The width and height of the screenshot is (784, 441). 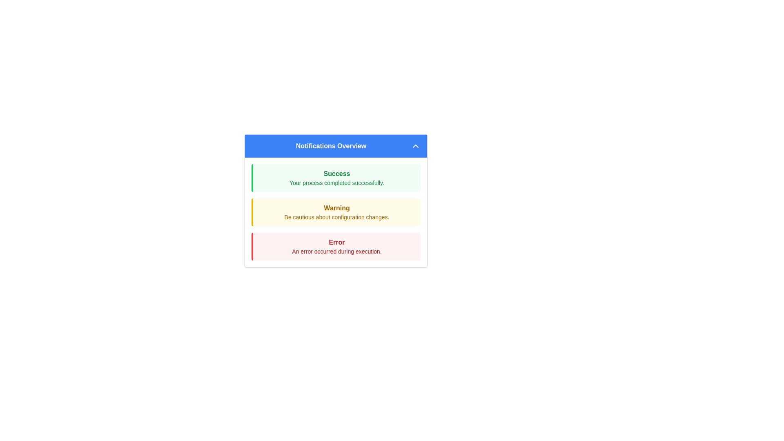 I want to click on the 'Success' text label on the green background, which indicates a successful notification at the top of the card, so click(x=337, y=173).